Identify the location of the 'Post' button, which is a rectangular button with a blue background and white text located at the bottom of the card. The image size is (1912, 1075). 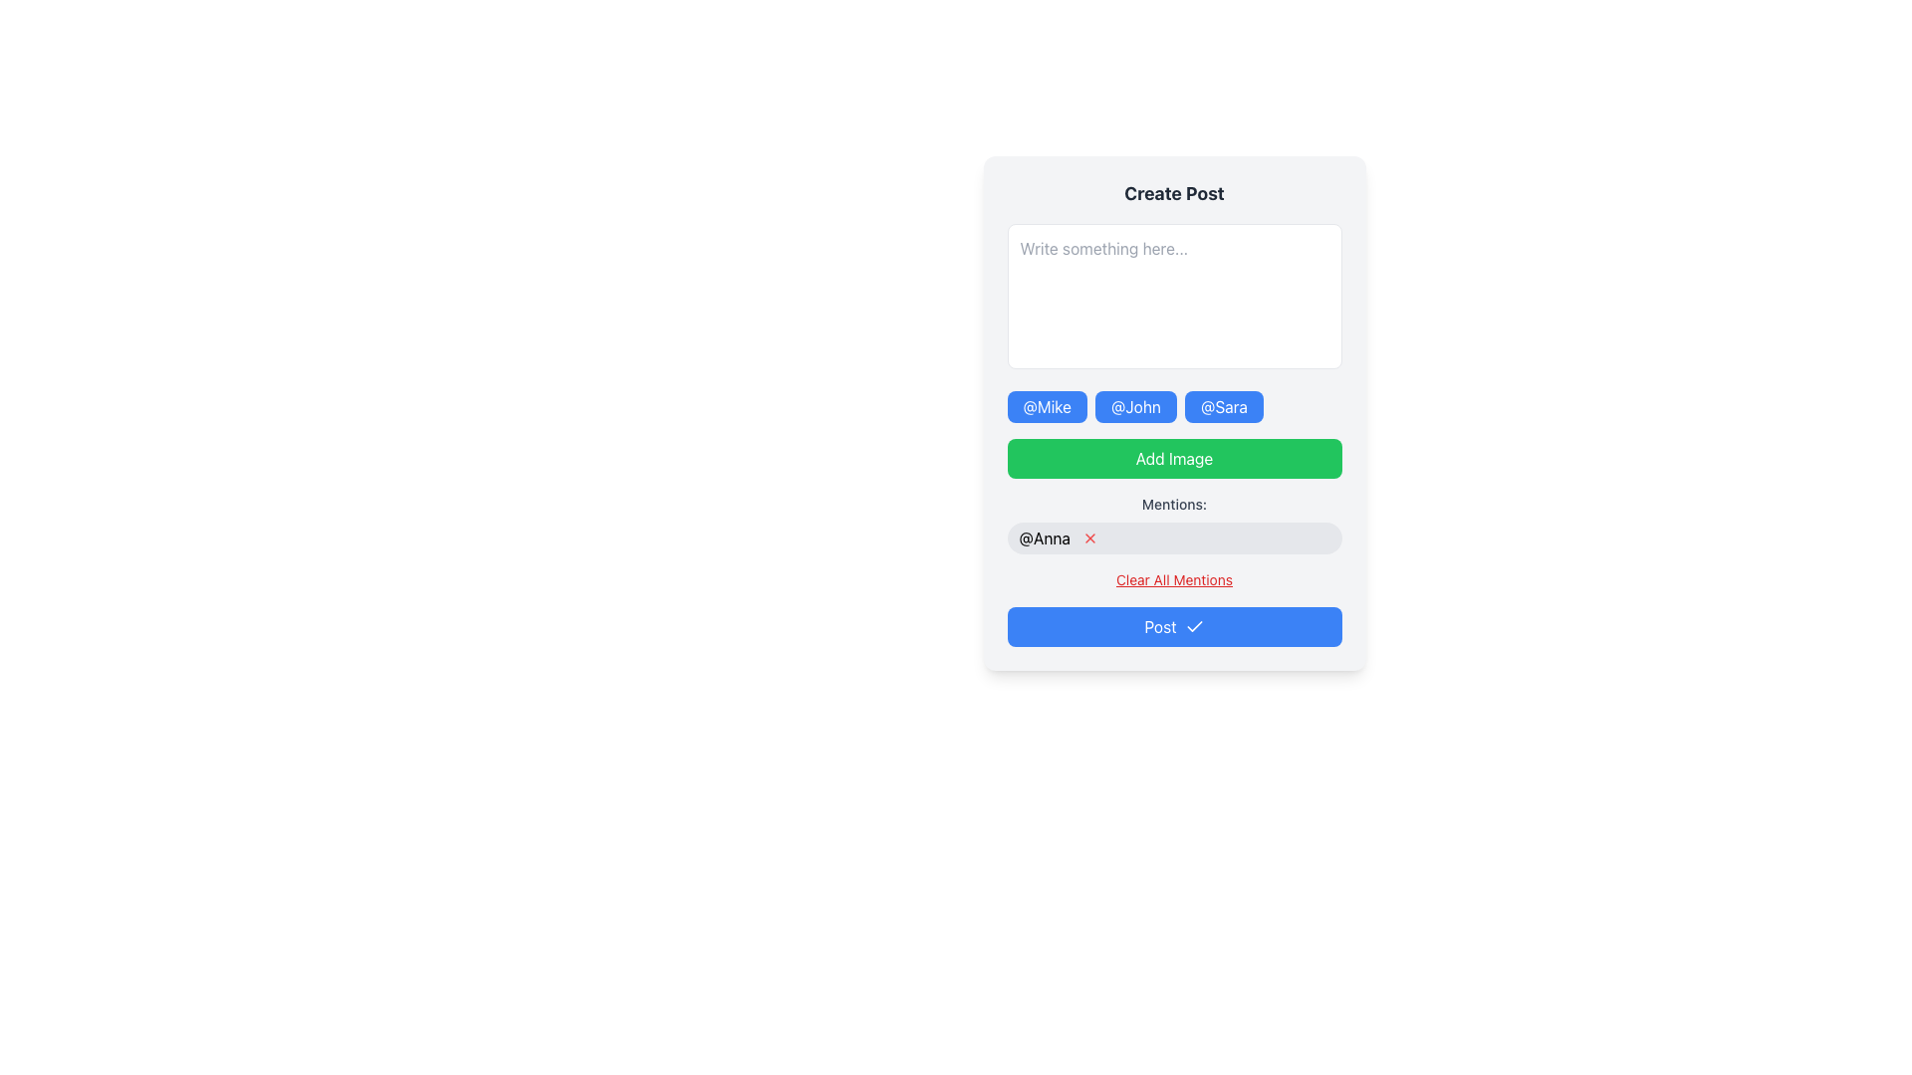
(1174, 625).